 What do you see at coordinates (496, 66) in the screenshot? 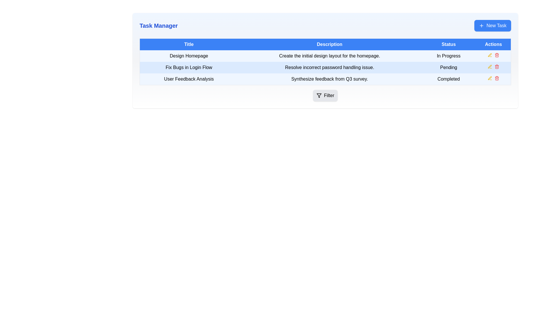
I see `the red-colored trash bin icon button in the second row of the 'Actions' column` at bounding box center [496, 66].